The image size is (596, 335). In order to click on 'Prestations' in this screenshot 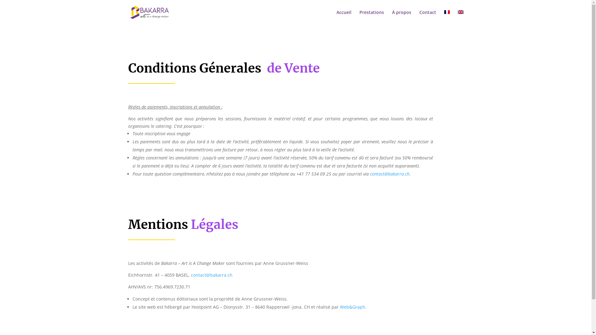, I will do `click(372, 17)`.